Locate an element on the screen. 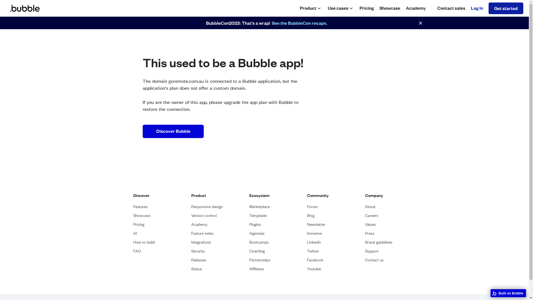 Image resolution: width=533 pixels, height=300 pixels. 'Pricing' is located at coordinates (133, 224).